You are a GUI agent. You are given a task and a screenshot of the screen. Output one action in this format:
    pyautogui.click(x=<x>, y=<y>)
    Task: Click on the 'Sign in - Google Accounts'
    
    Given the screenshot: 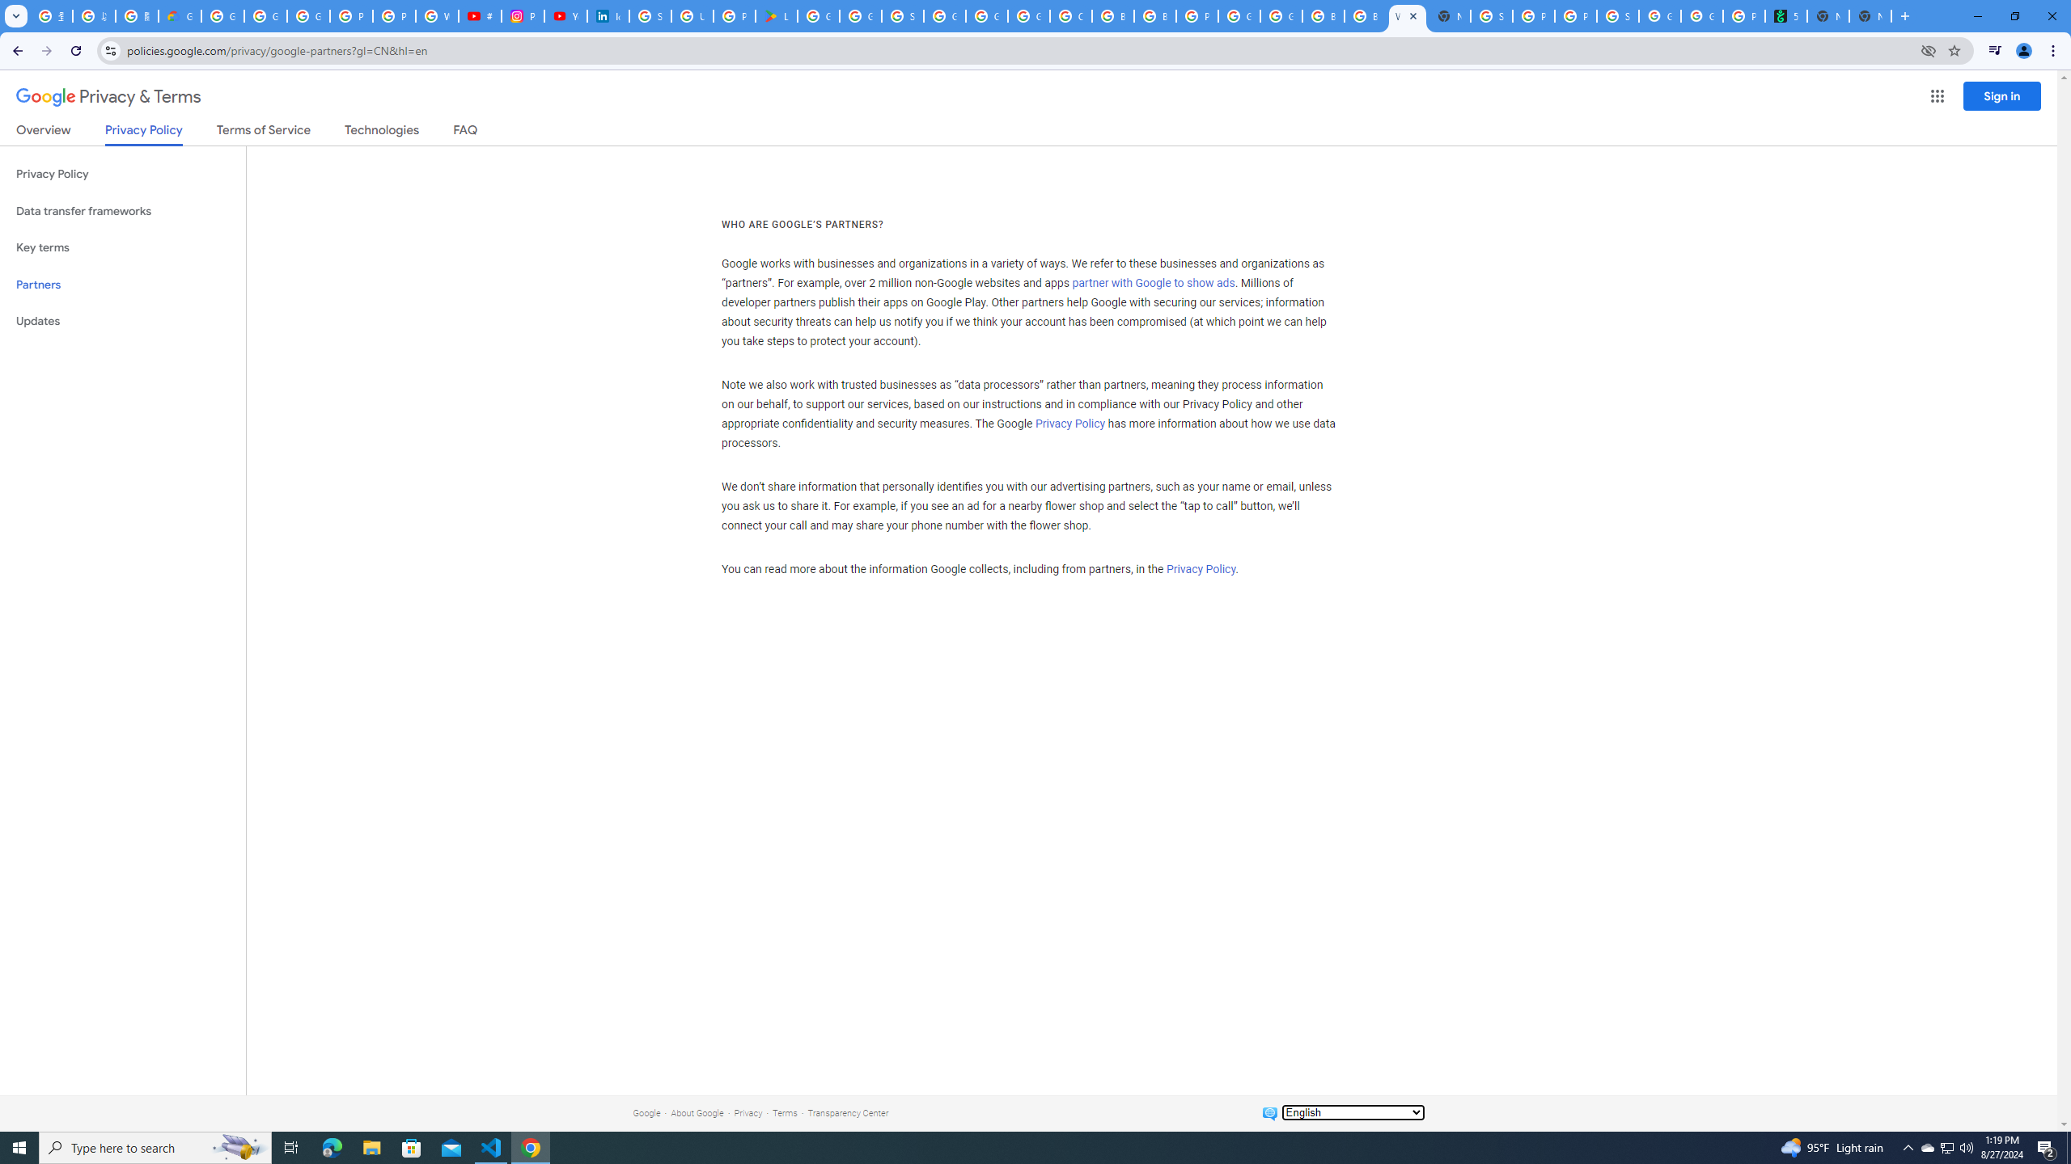 What is the action you would take?
    pyautogui.click(x=650, y=15)
    